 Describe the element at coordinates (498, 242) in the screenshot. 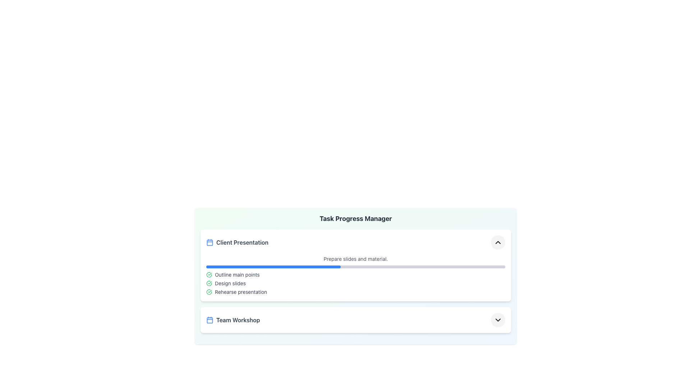

I see `the button located at the top-right corner of the 'Client Presentation' section` at that location.